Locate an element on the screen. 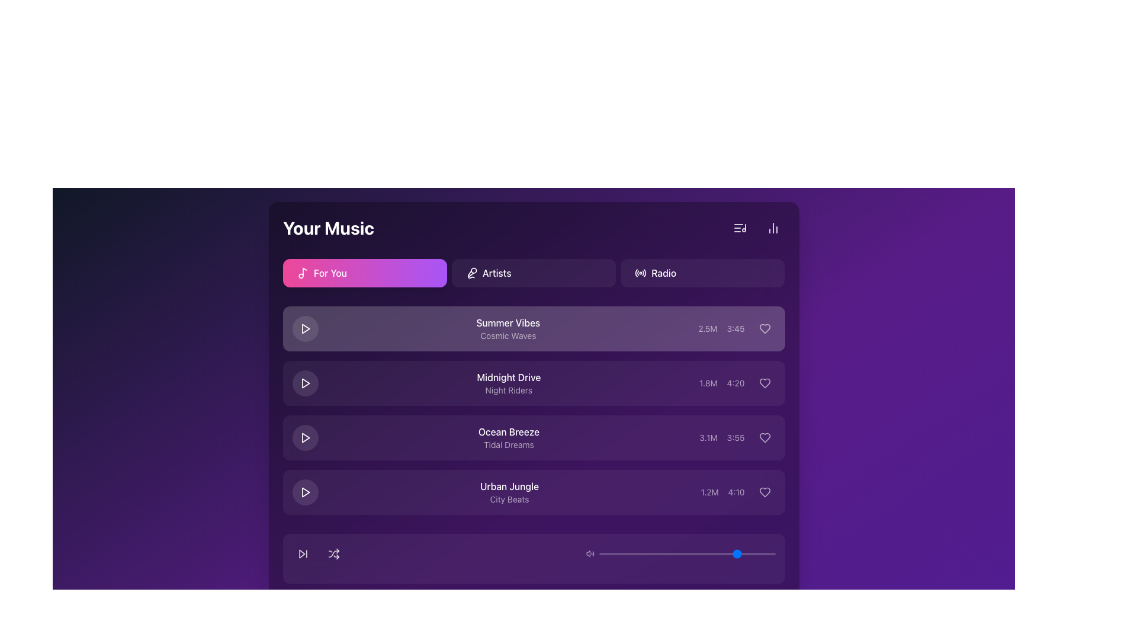  the second music track entry in the 'Your Music' section is located at coordinates (533, 383).